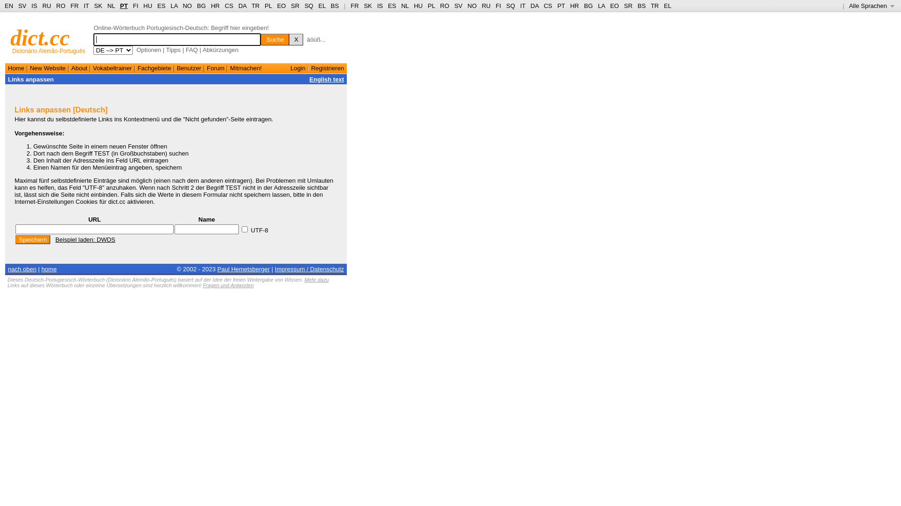  I want to click on 'IS', so click(380, 6).